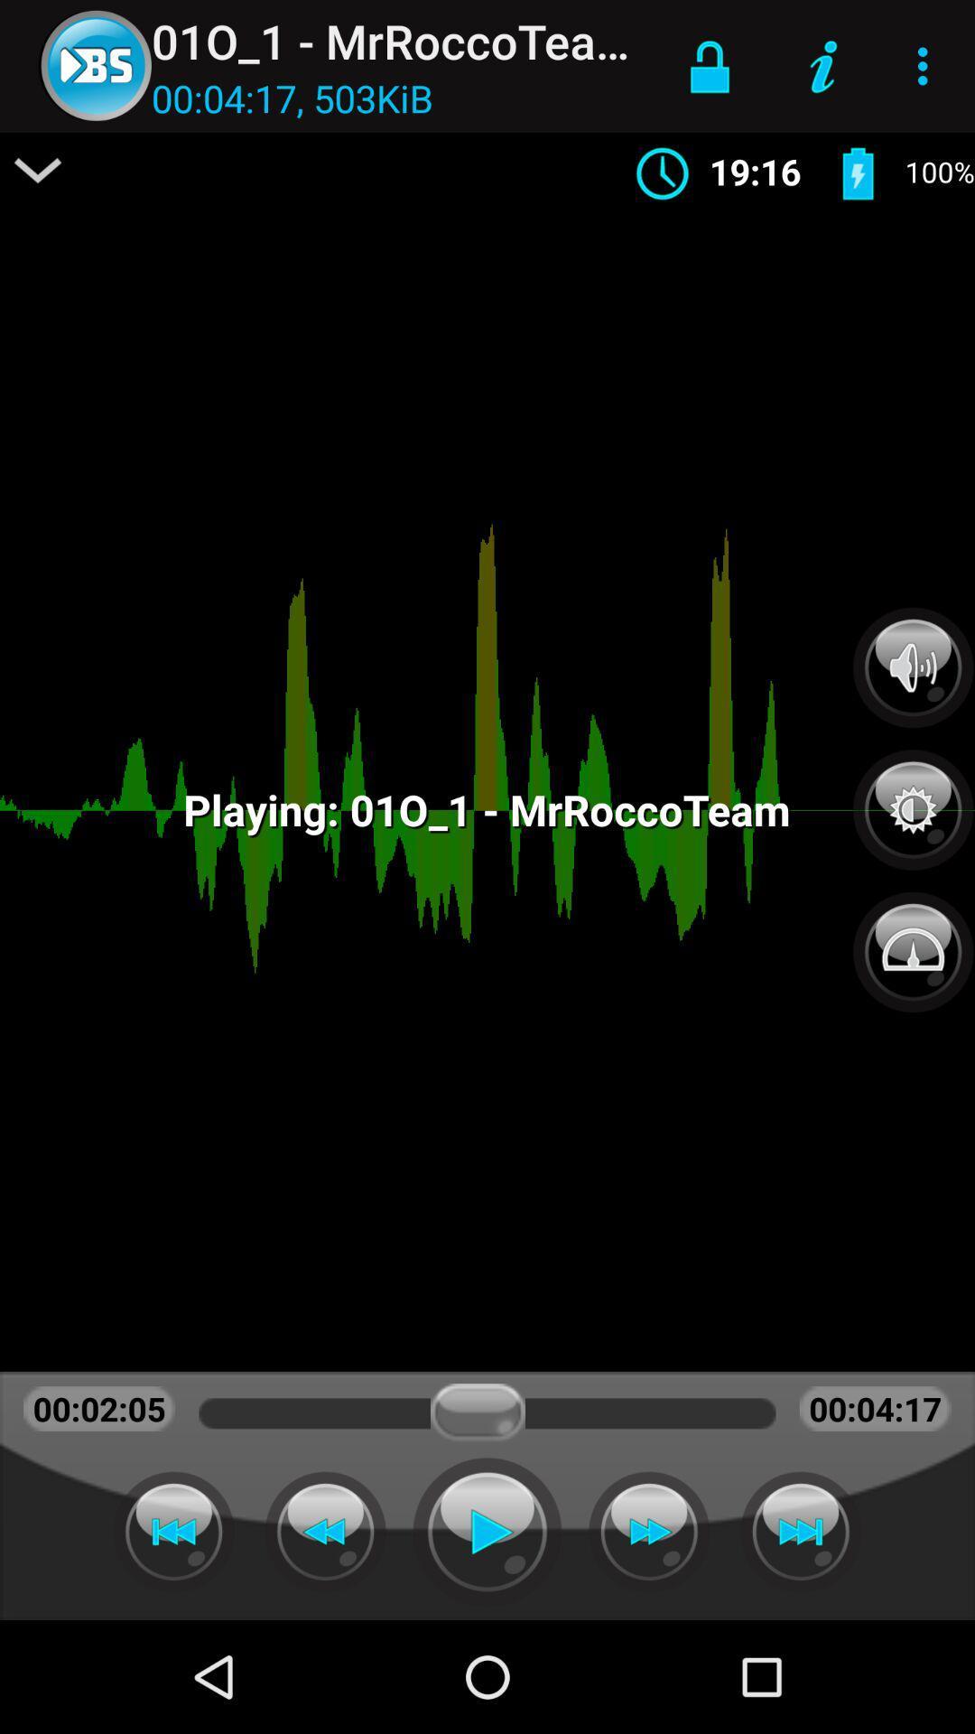 The image size is (975, 1734). What do you see at coordinates (38, 170) in the screenshot?
I see `item above 00:02:05 icon` at bounding box center [38, 170].